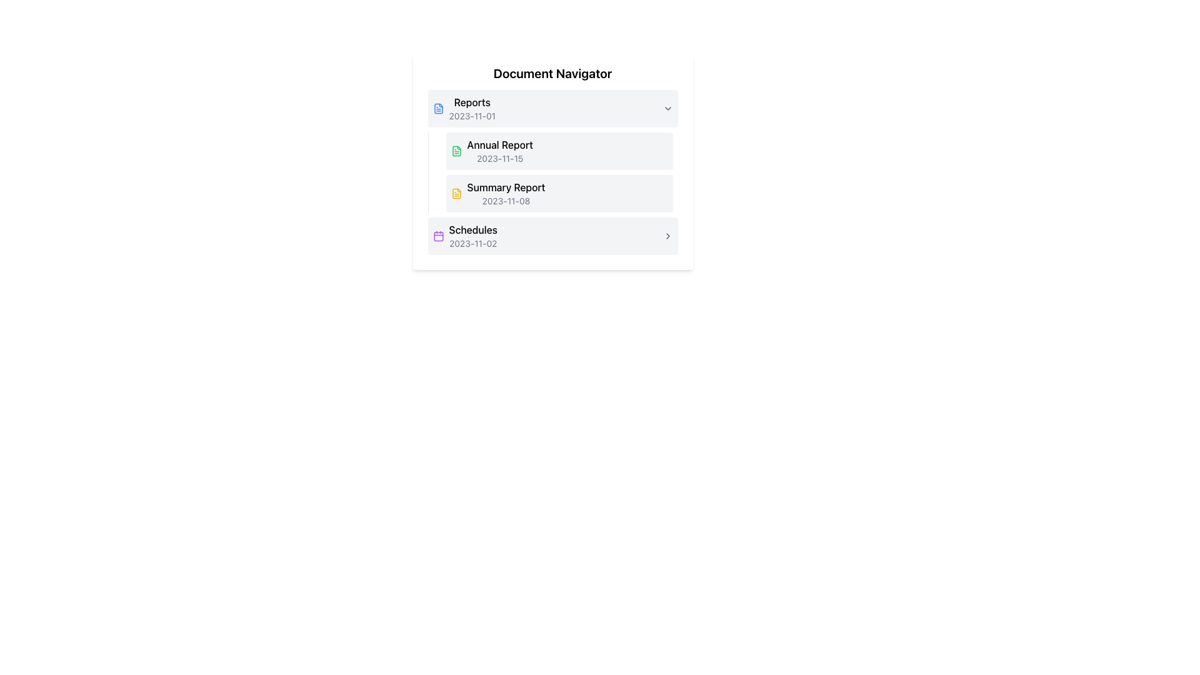  Describe the element at coordinates (552, 107) in the screenshot. I see `the first interactive list item labeled 'Reports'` at that location.